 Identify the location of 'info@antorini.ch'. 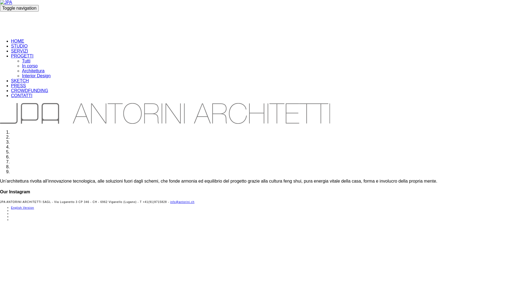
(182, 202).